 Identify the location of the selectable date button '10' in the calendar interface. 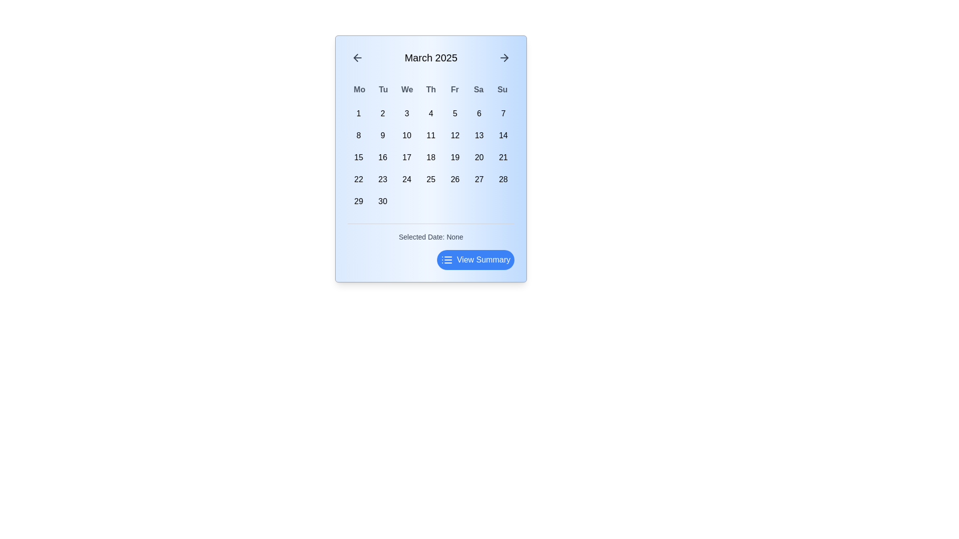
(407, 136).